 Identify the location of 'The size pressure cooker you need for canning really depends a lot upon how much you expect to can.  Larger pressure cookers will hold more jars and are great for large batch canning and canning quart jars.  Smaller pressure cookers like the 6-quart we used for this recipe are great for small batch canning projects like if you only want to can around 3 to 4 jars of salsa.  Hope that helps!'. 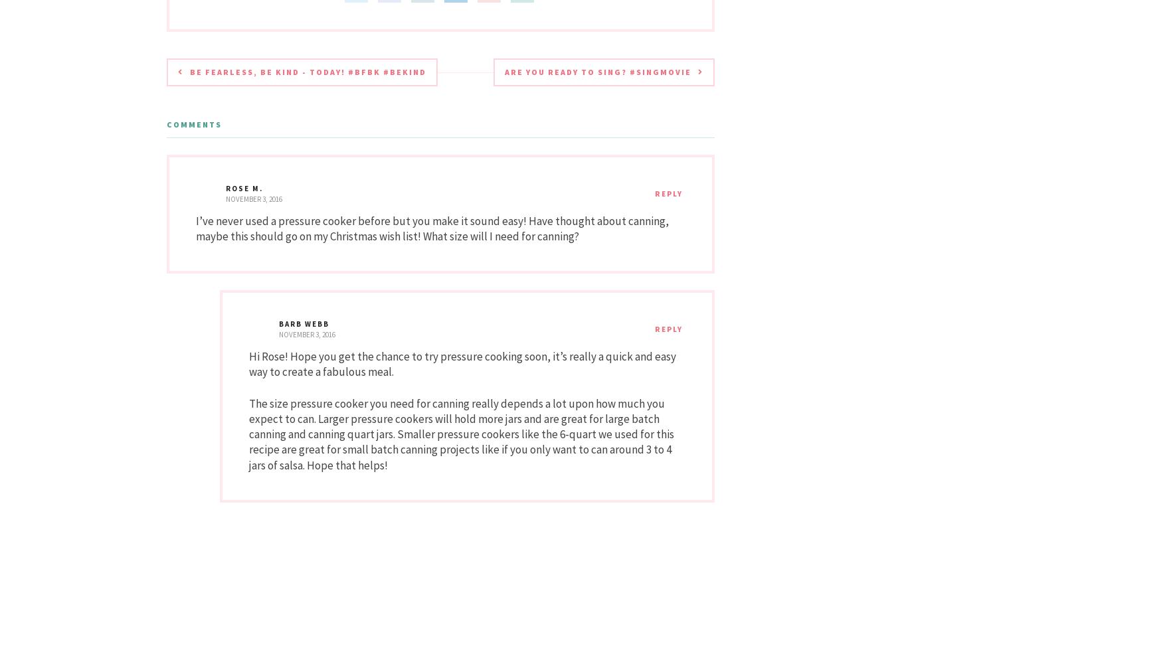
(248, 434).